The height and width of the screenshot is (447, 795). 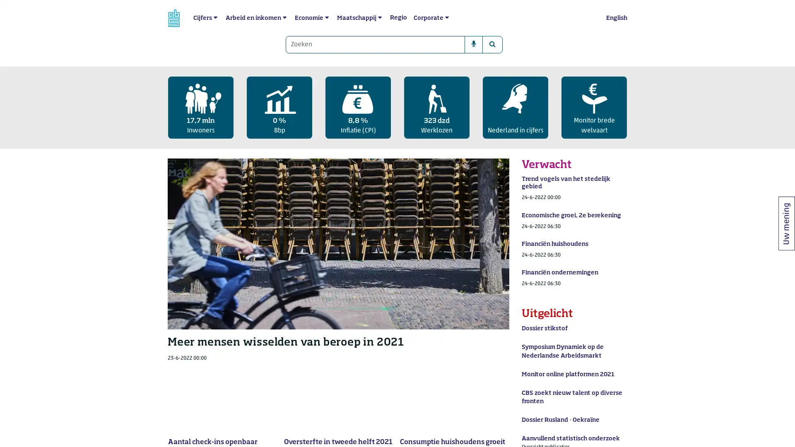 I want to click on submenu Arbeid en inkomen, so click(x=284, y=17).